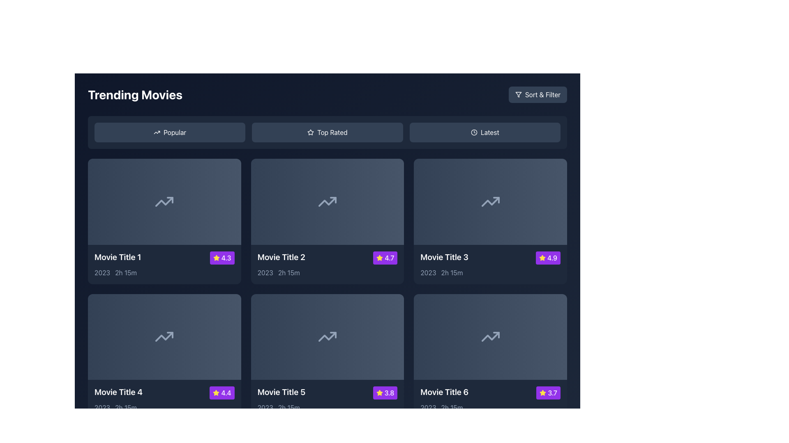 The height and width of the screenshot is (443, 789). Describe the element at coordinates (125, 272) in the screenshot. I see `the static text label displaying '2h 15m' located adjacent to '2023' within the dark-themed UI context under 'Movie Title 1'` at that location.